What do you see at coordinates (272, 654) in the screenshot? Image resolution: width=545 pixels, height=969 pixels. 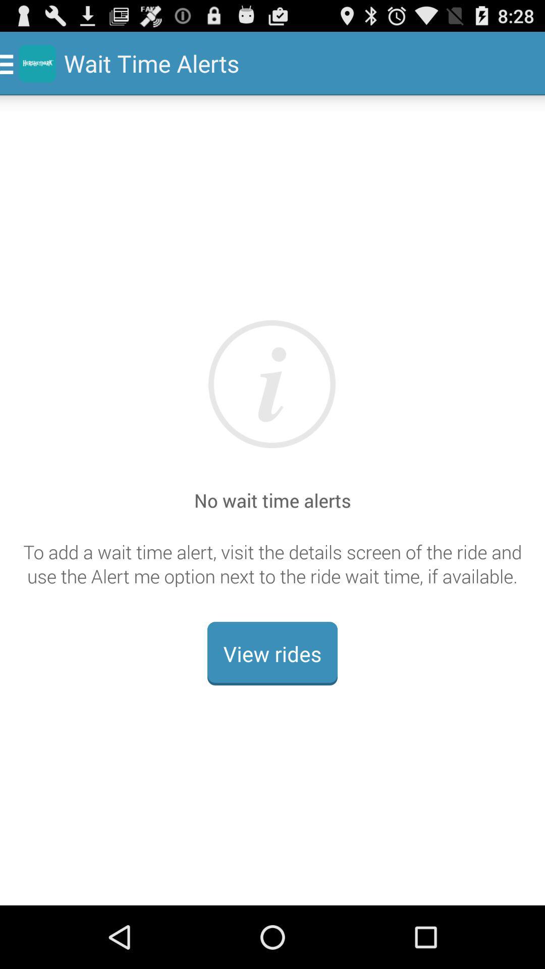 I see `view rides item` at bounding box center [272, 654].